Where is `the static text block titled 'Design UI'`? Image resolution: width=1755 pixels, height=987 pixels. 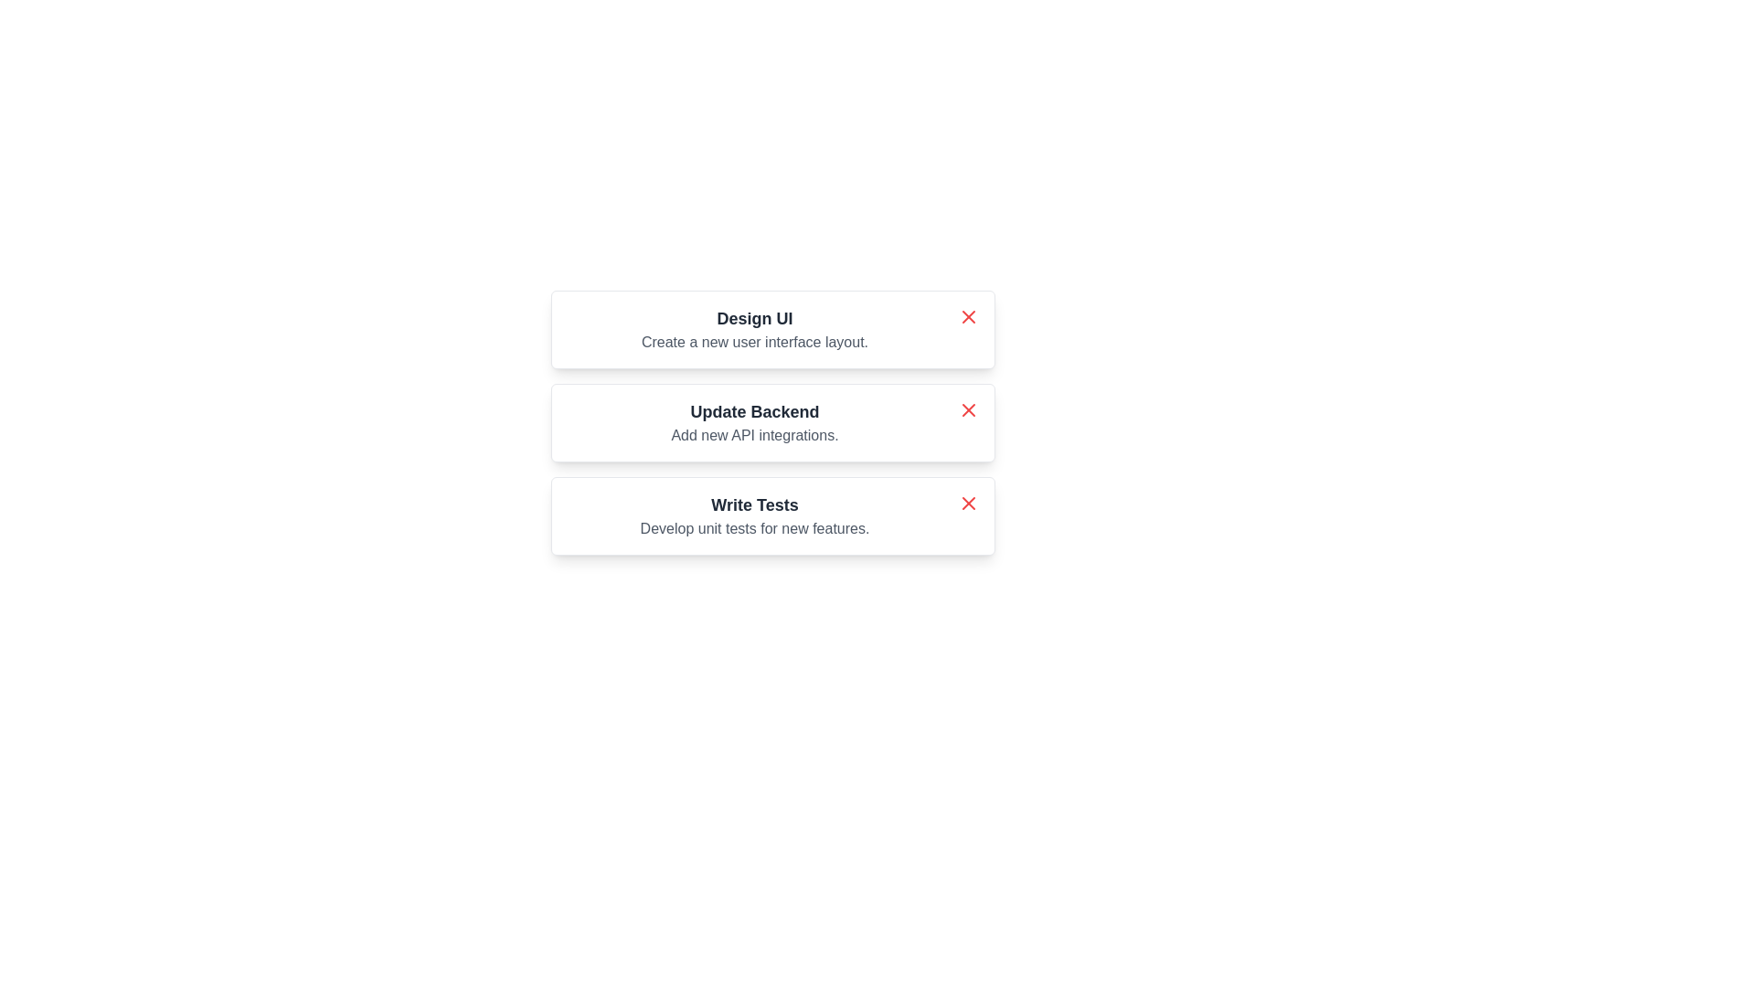 the static text block titled 'Design UI' is located at coordinates (754, 330).